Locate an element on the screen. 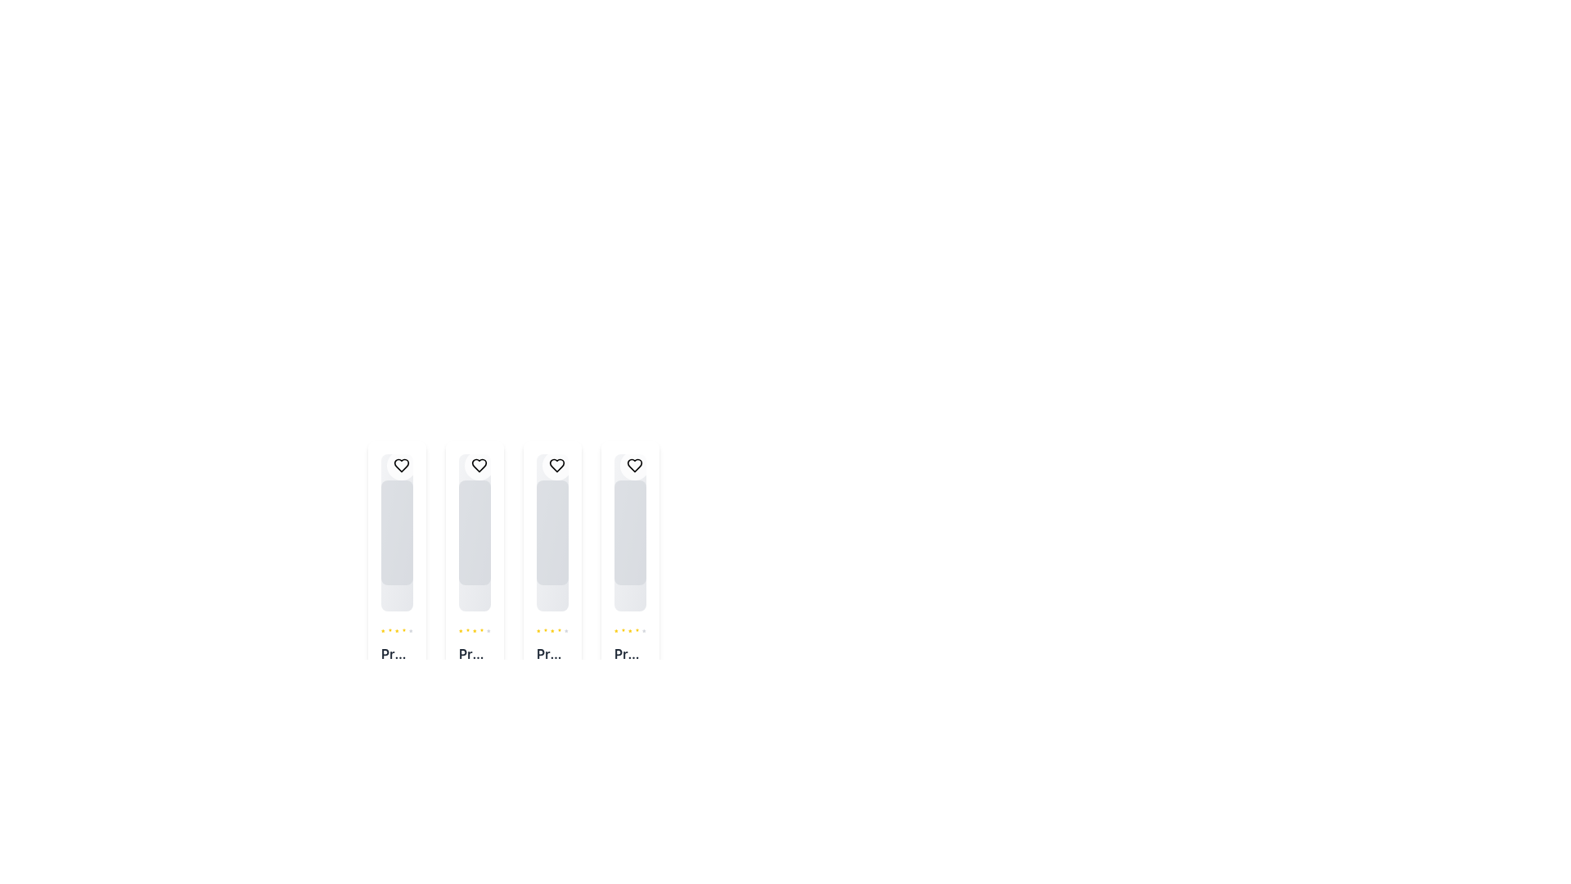 The height and width of the screenshot is (884, 1571). the second column Placeholder element in the horizontal row of four columns, which serves as a decorative or loading component is located at coordinates (474, 533).